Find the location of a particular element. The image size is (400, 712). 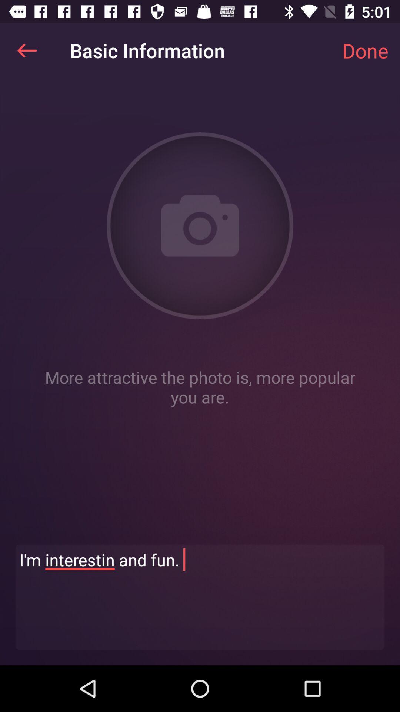

the app next to basic information is located at coordinates (365, 50).